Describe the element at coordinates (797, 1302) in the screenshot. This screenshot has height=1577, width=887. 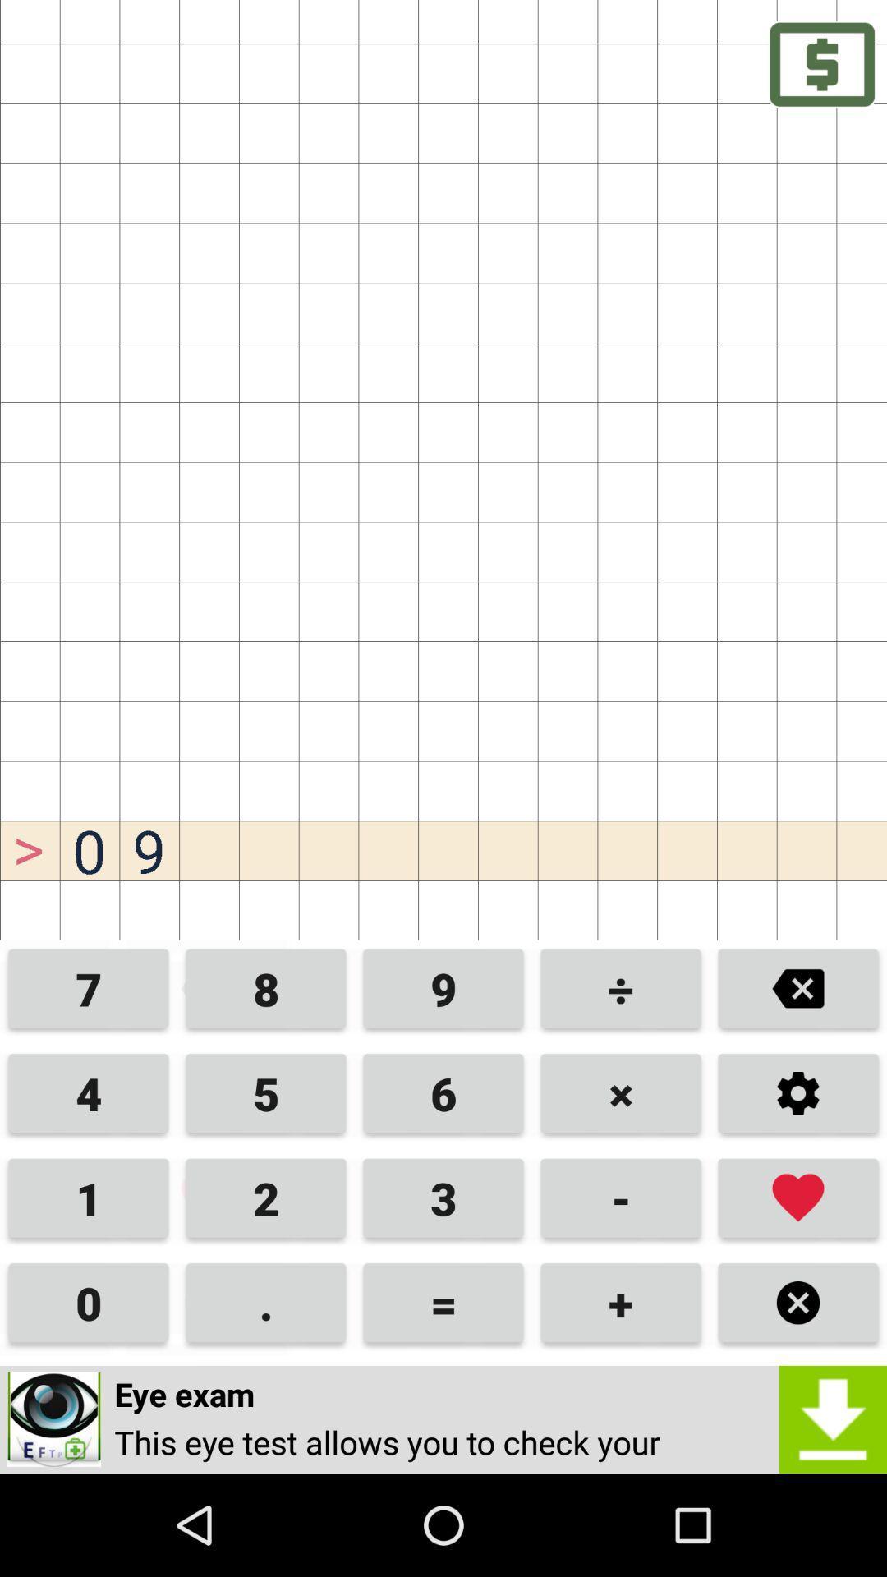
I see `multiply option` at that location.